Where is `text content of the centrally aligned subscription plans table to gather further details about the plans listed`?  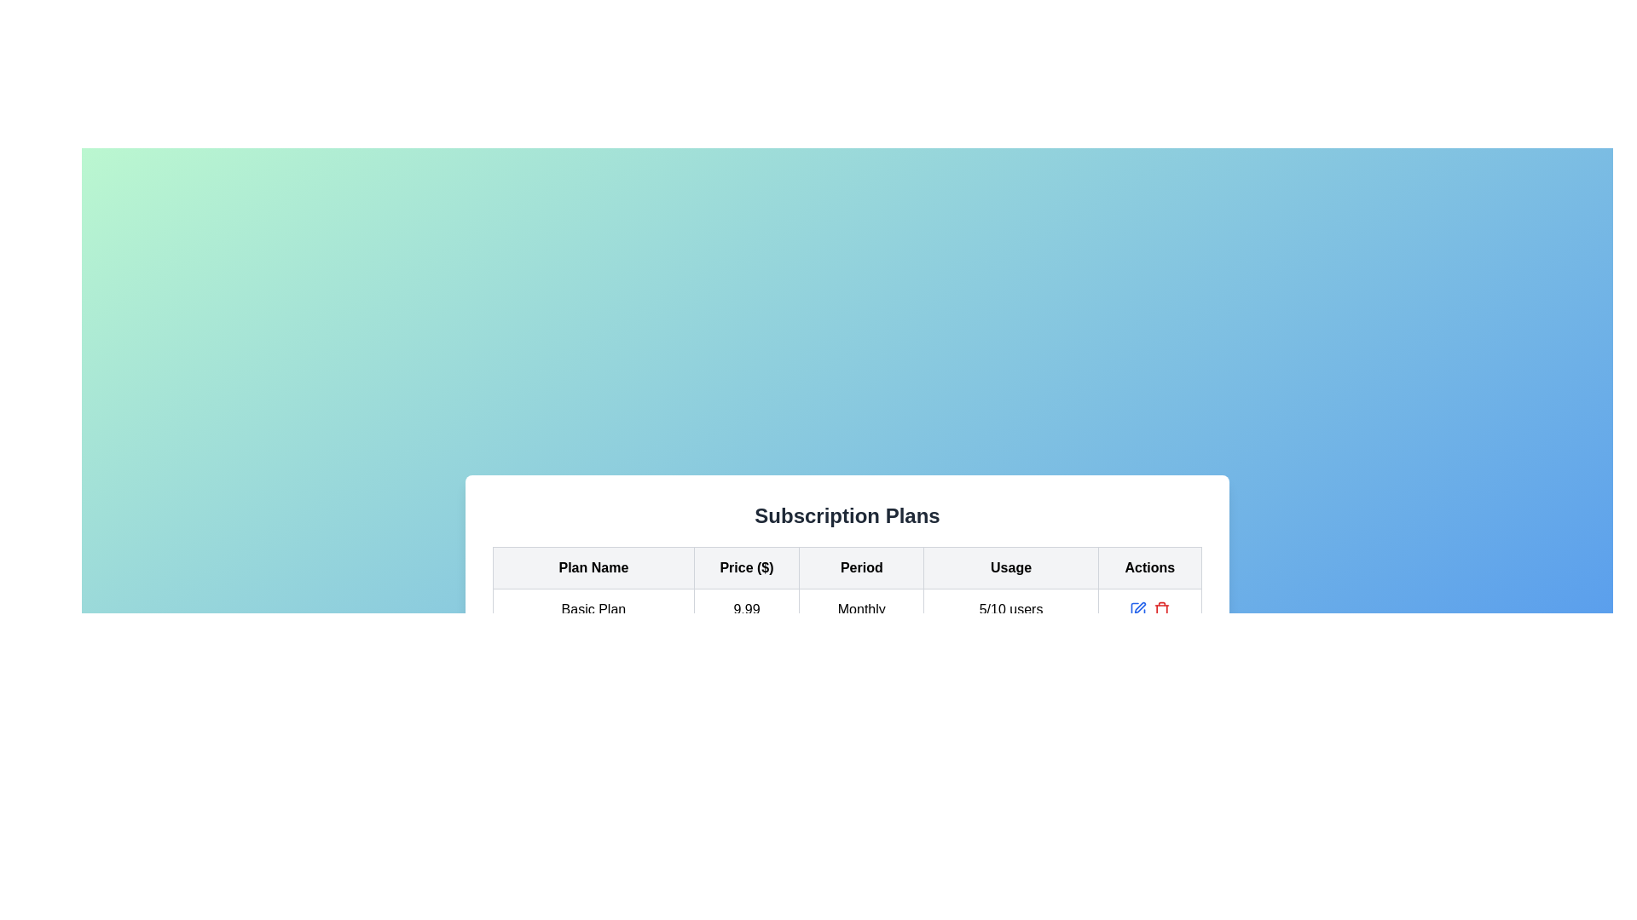
text content of the centrally aligned subscription plans table to gather further details about the plans listed is located at coordinates (847, 630).